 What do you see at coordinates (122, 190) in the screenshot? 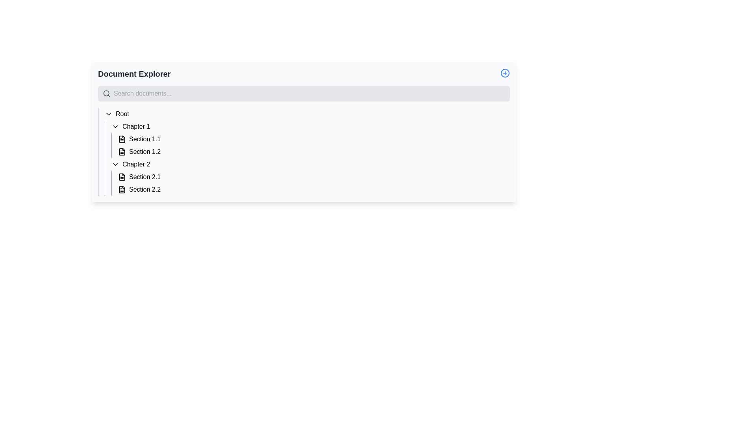
I see `the graphical icon representing the file associated with 'Section 2.2' in the Document Explorer, which is located to the left of the text 'Section 2.2'` at bounding box center [122, 190].